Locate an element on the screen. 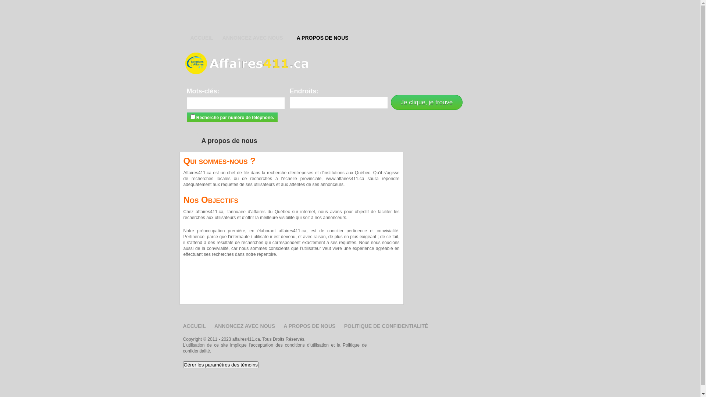 The width and height of the screenshot is (706, 397). 'ANNONCEZ AVEC NOUS' is located at coordinates (245, 326).